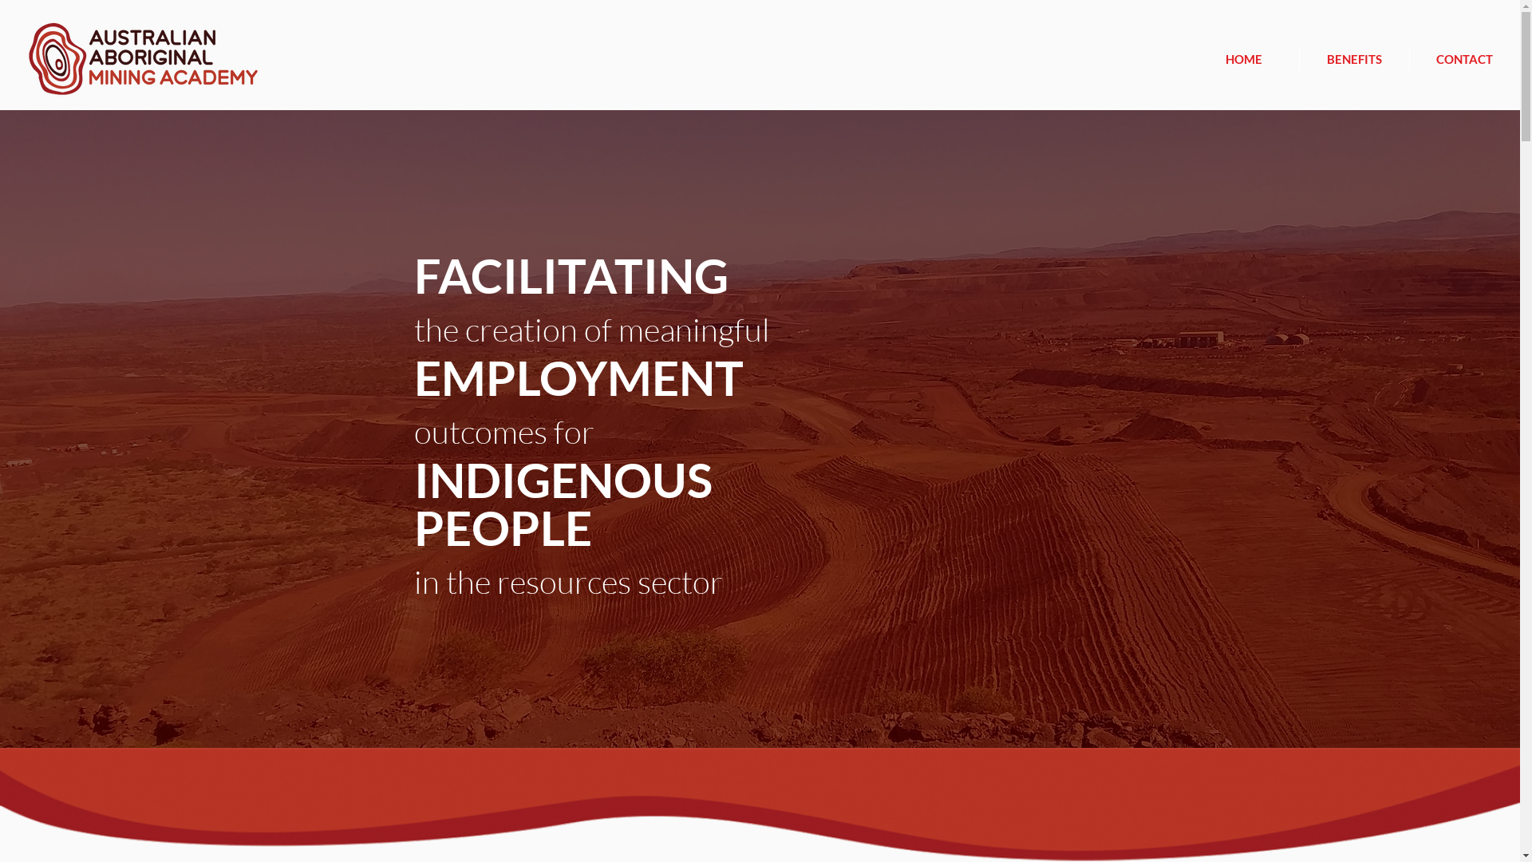 The height and width of the screenshot is (862, 1532). Describe the element at coordinates (1409, 57) in the screenshot. I see `'CONTACT'` at that location.